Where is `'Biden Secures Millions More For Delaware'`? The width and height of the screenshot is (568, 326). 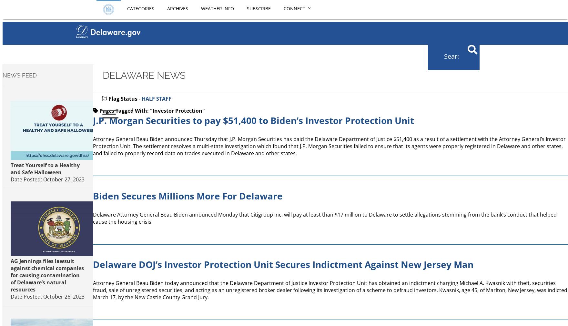 'Biden Secures Millions More For Delaware' is located at coordinates (92, 196).